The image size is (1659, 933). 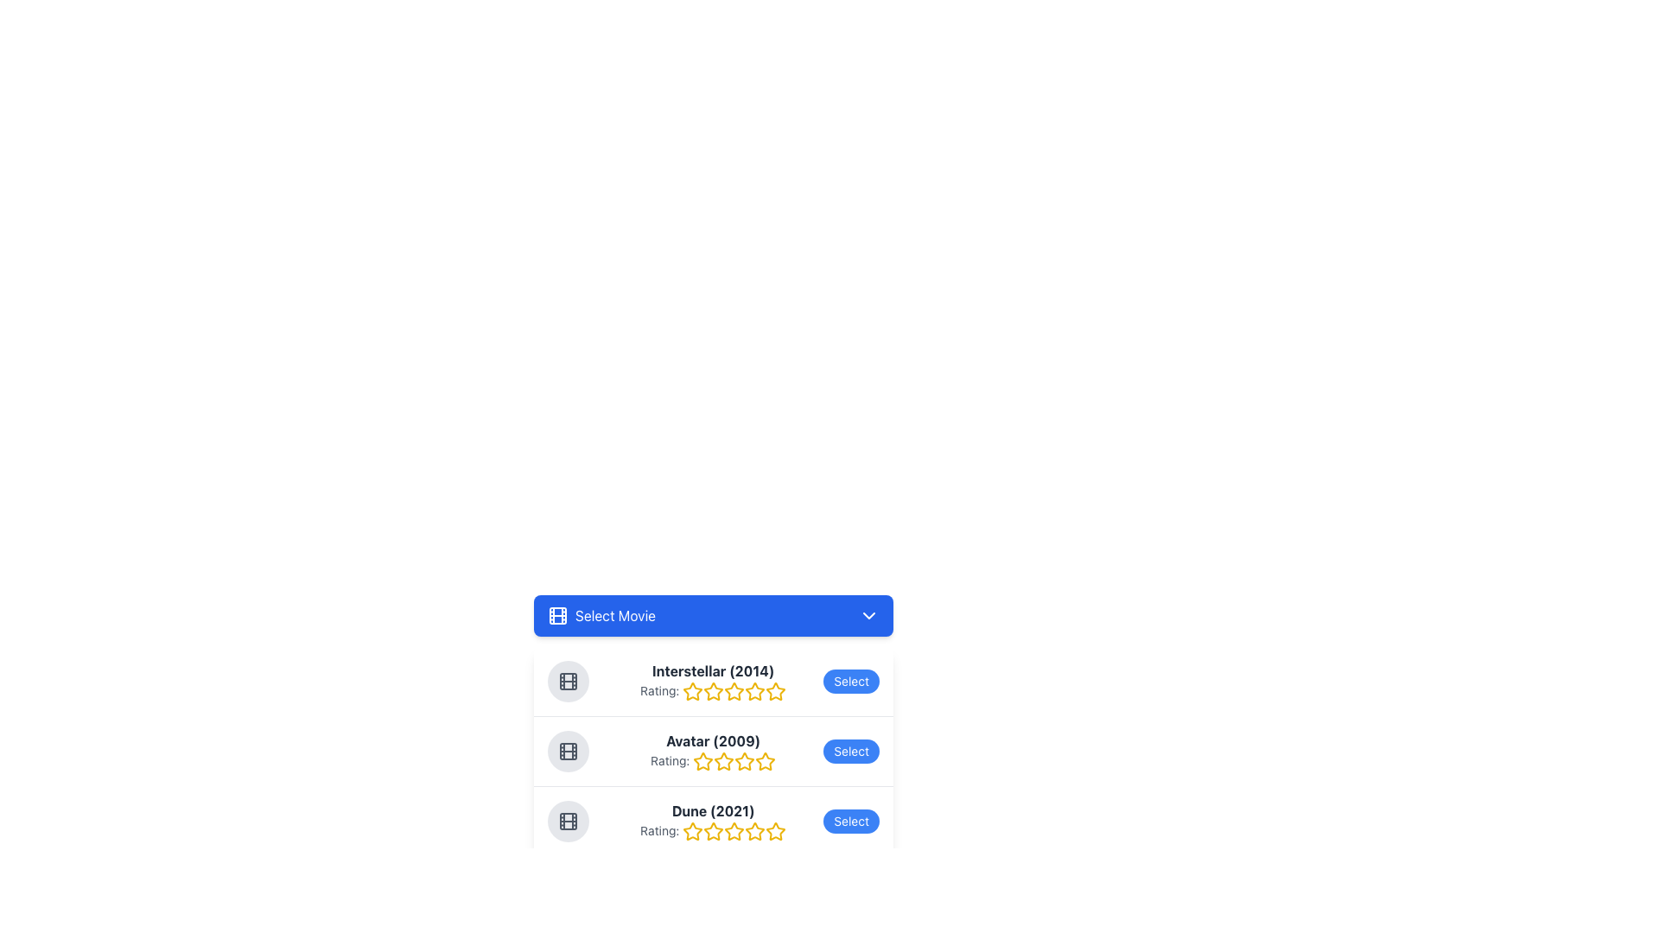 What do you see at coordinates (693, 690) in the screenshot?
I see `the first rating star for the movie 'Interstellar (2014)'` at bounding box center [693, 690].